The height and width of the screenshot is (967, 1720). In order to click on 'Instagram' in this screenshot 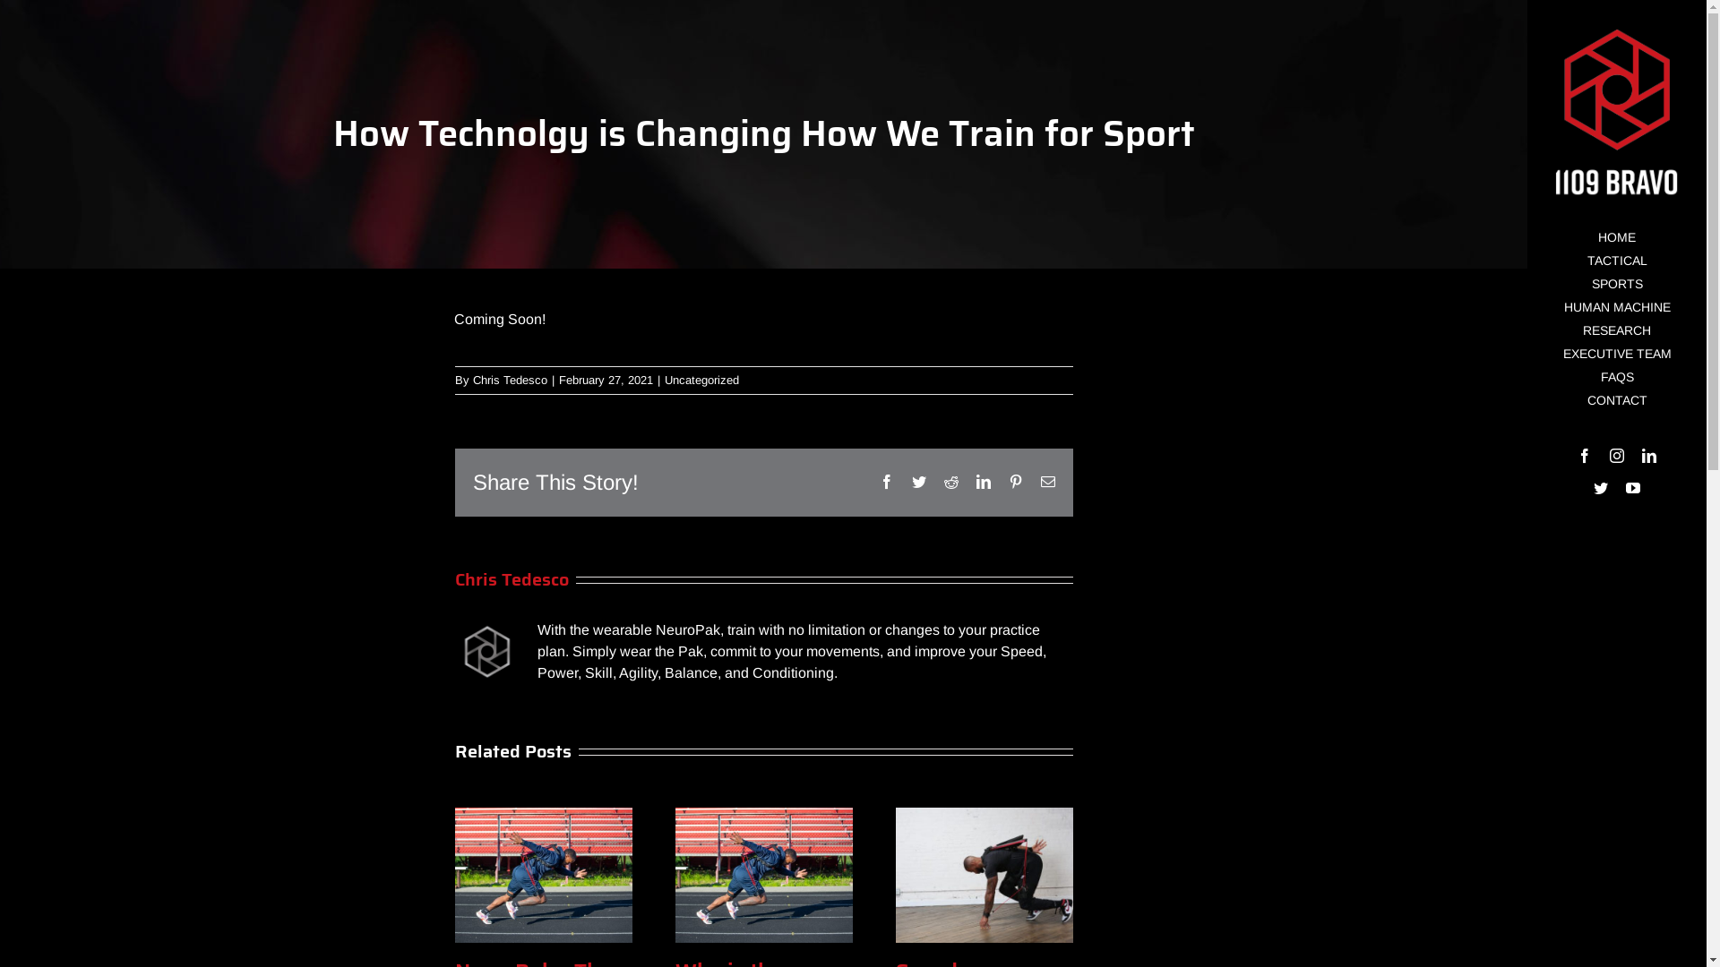, I will do `click(1609, 455)`.